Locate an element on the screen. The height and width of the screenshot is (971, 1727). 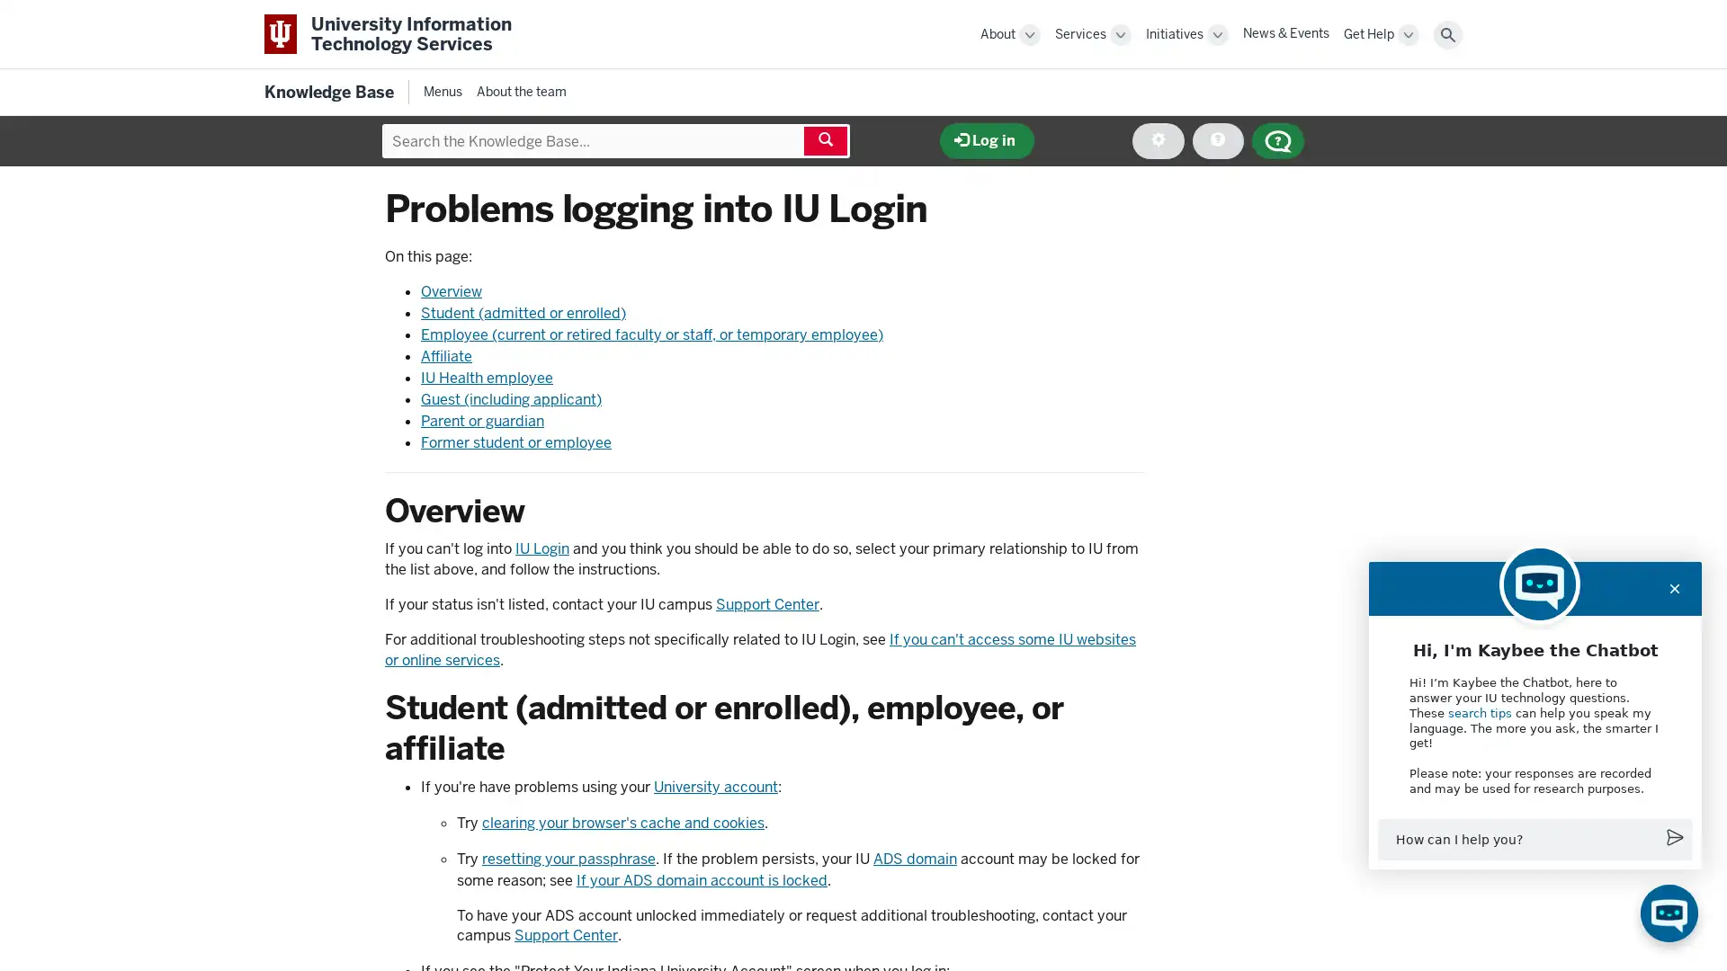
Options is located at coordinates (1158, 140).